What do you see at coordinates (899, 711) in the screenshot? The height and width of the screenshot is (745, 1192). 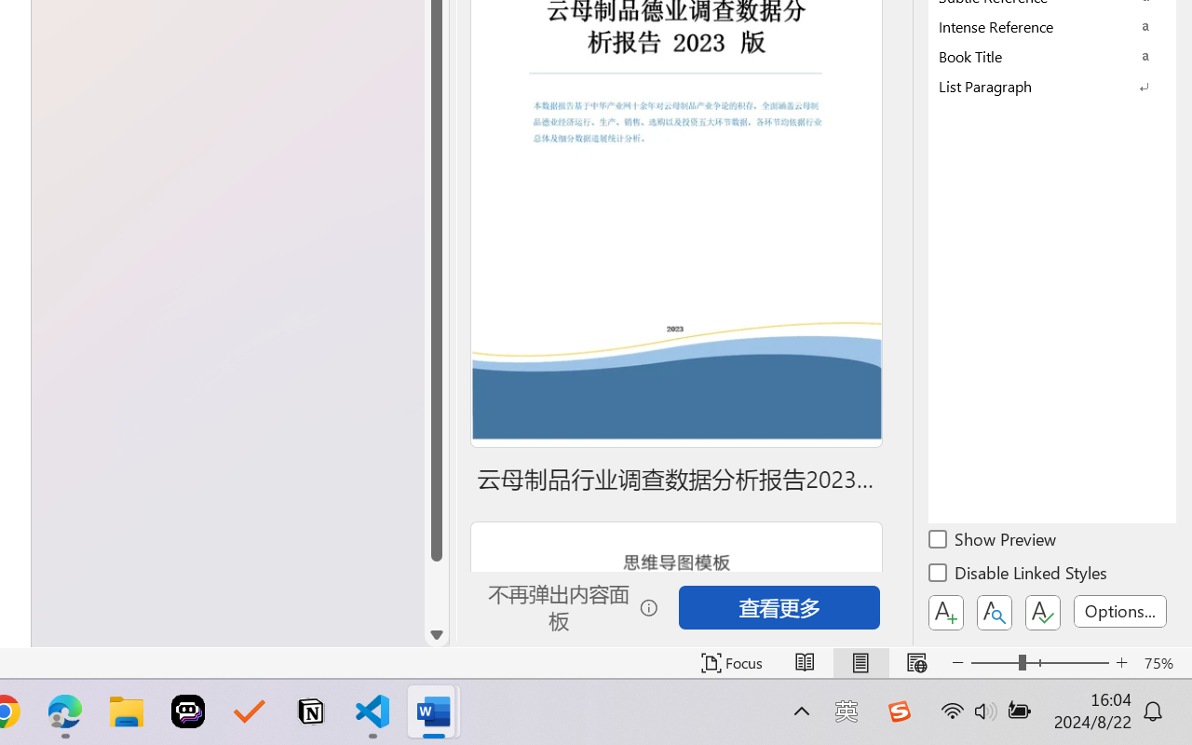 I see `'Class: Image'` at bounding box center [899, 711].